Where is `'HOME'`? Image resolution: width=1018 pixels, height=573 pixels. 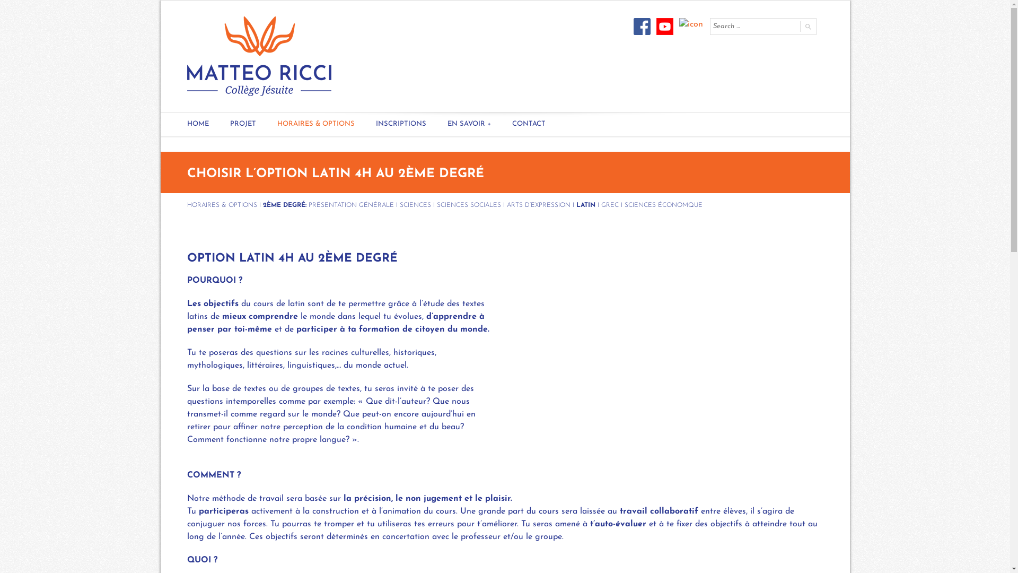 'HOME' is located at coordinates (175, 124).